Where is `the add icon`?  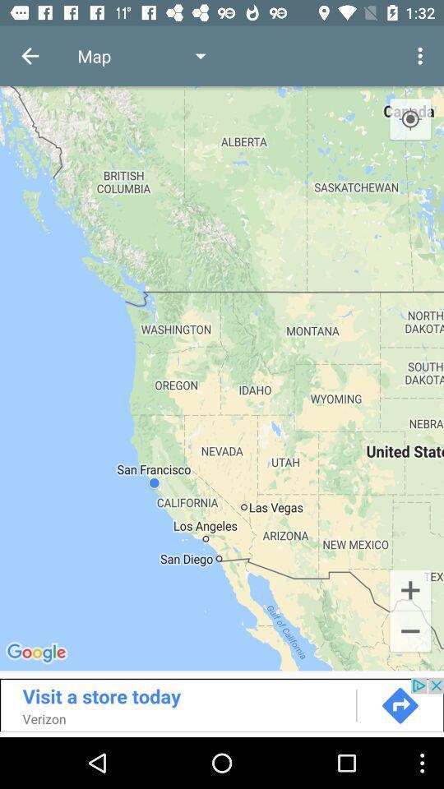 the add icon is located at coordinates (409, 589).